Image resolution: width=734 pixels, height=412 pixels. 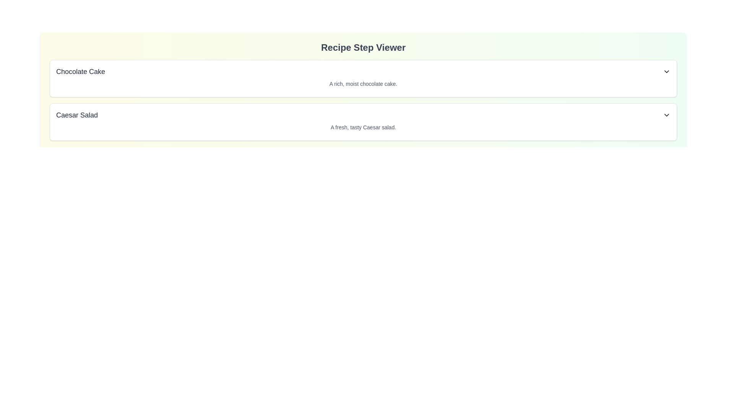 What do you see at coordinates (77, 115) in the screenshot?
I see `the 'Caesar Salad' text label, which is styled with medium-sized gray text and located within the second card-like component` at bounding box center [77, 115].